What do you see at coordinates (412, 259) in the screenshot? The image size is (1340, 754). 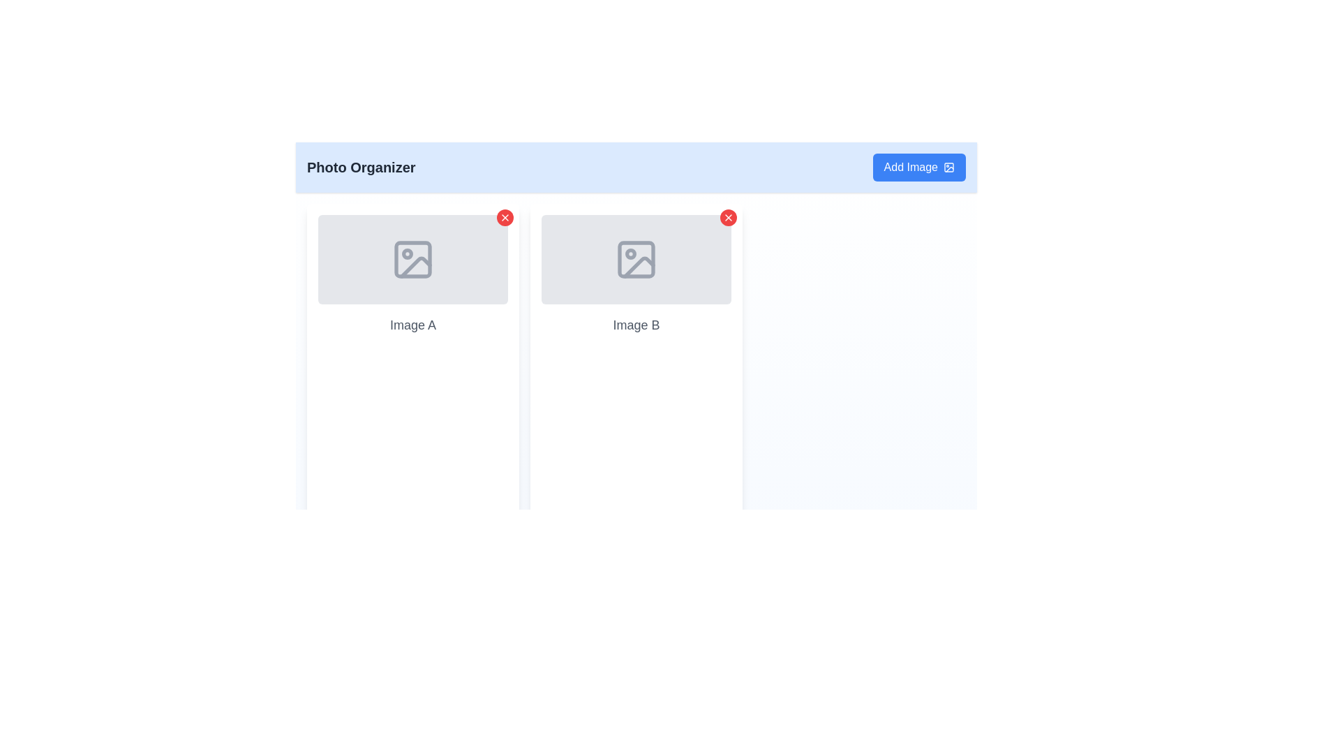 I see `the gray rectangular Image Placeholder containing a centered placeholder image icon, located at the top of the first column in a grid-like arrangement, with the label 'Image A' displayed below it` at bounding box center [412, 259].